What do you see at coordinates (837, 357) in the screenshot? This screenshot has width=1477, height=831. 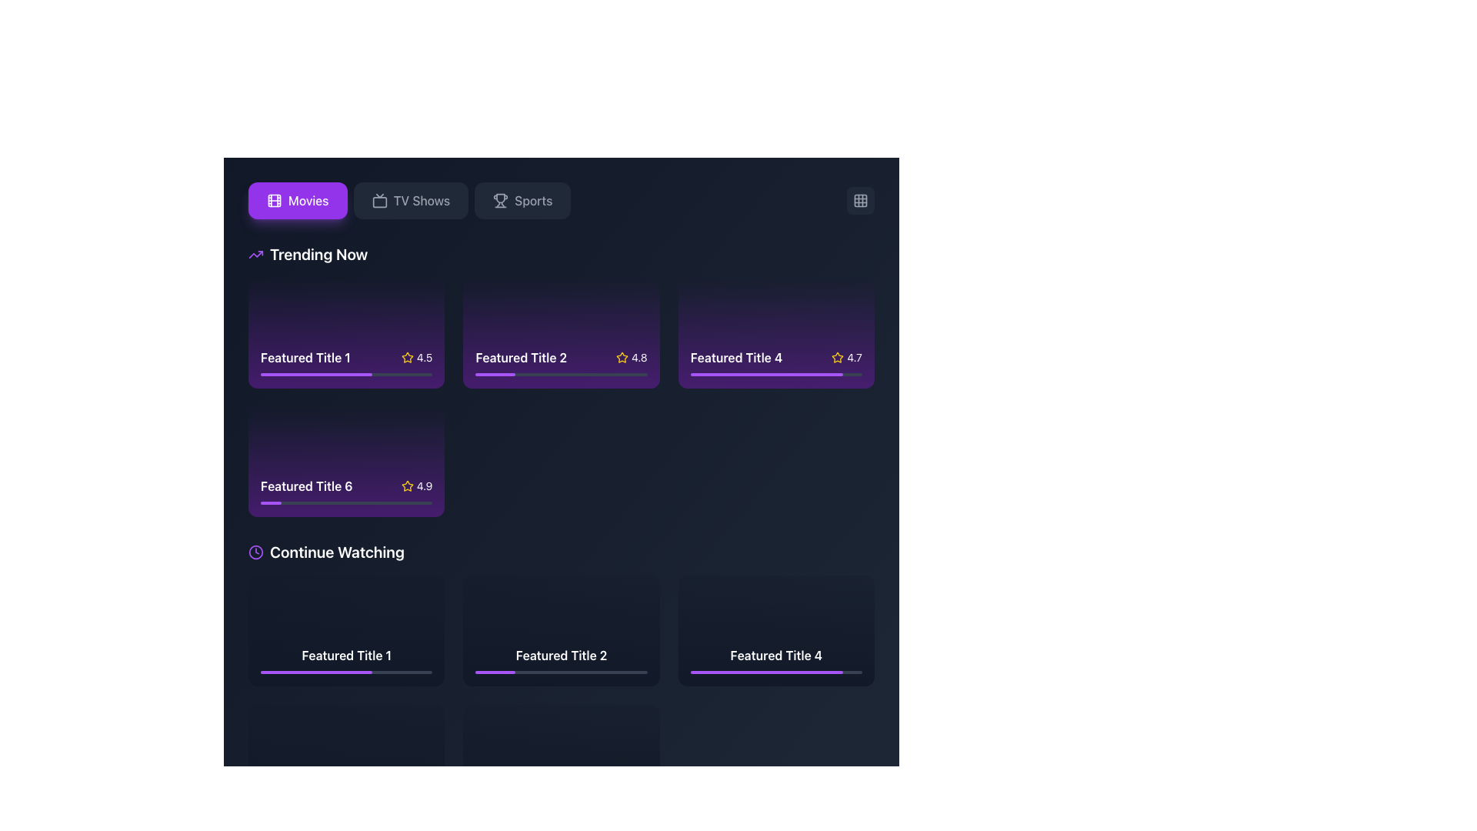 I see `the yellow star icon representing a rating, located next to the numeric text '4.7' in the 'Featured Title 4' card` at bounding box center [837, 357].